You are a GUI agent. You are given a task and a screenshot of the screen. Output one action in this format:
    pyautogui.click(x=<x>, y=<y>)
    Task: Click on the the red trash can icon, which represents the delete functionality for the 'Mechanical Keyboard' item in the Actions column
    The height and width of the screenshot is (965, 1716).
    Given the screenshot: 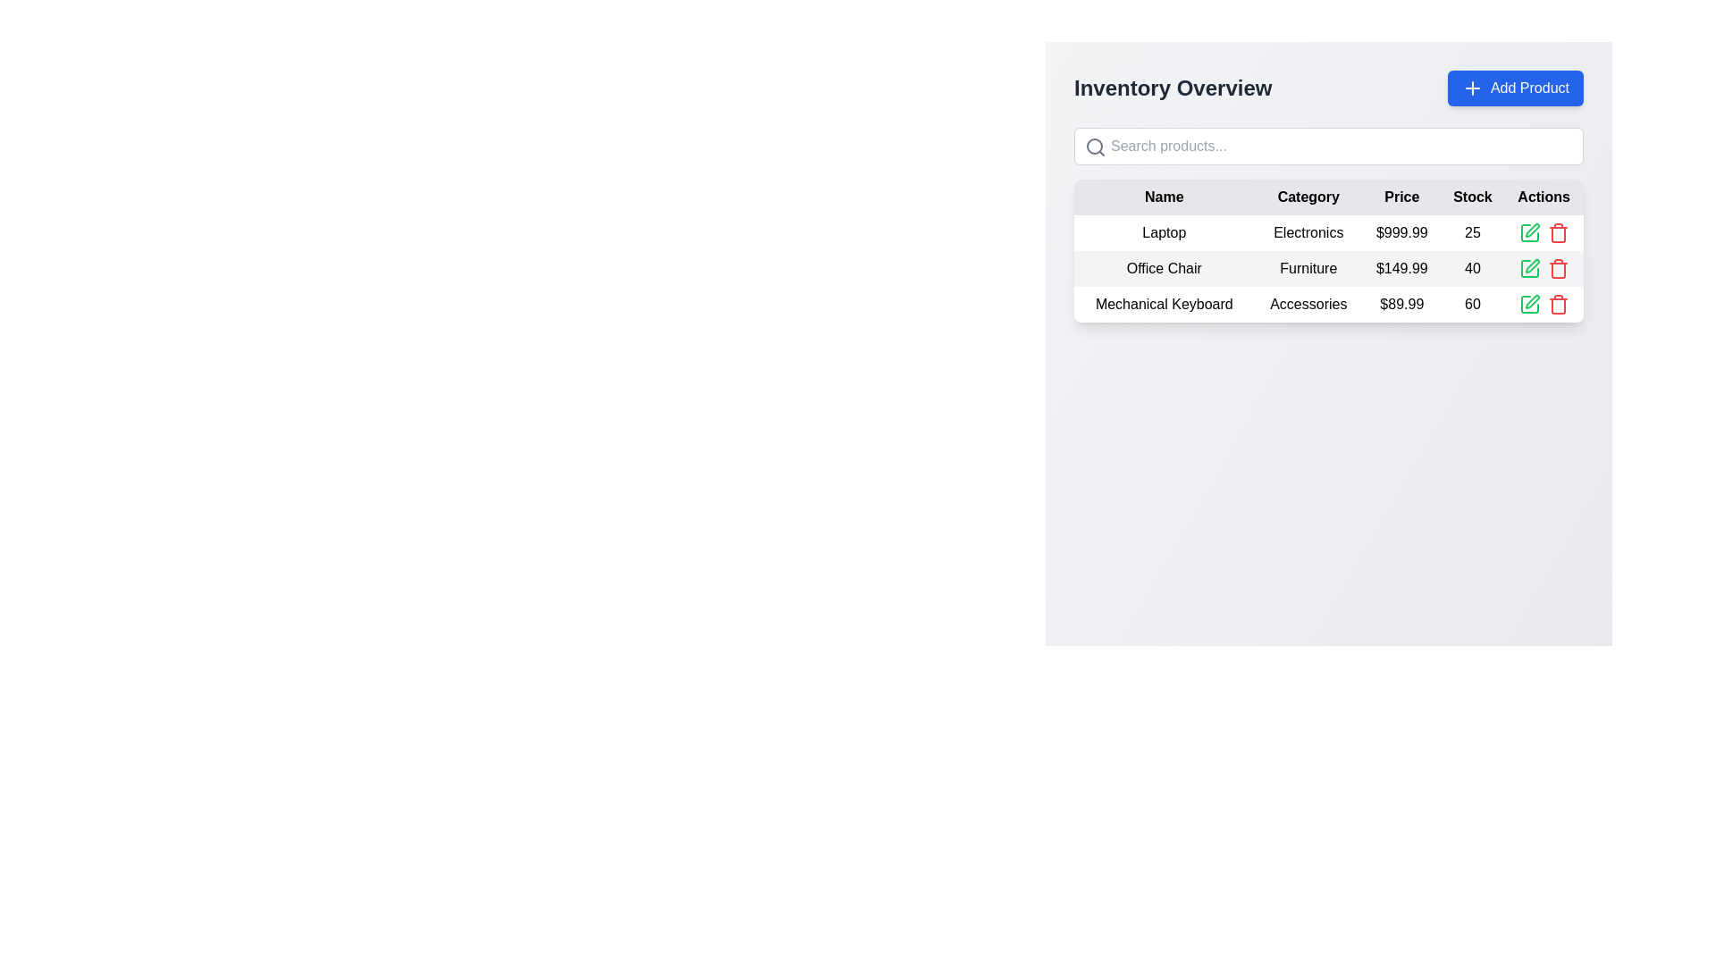 What is the action you would take?
    pyautogui.click(x=1557, y=232)
    